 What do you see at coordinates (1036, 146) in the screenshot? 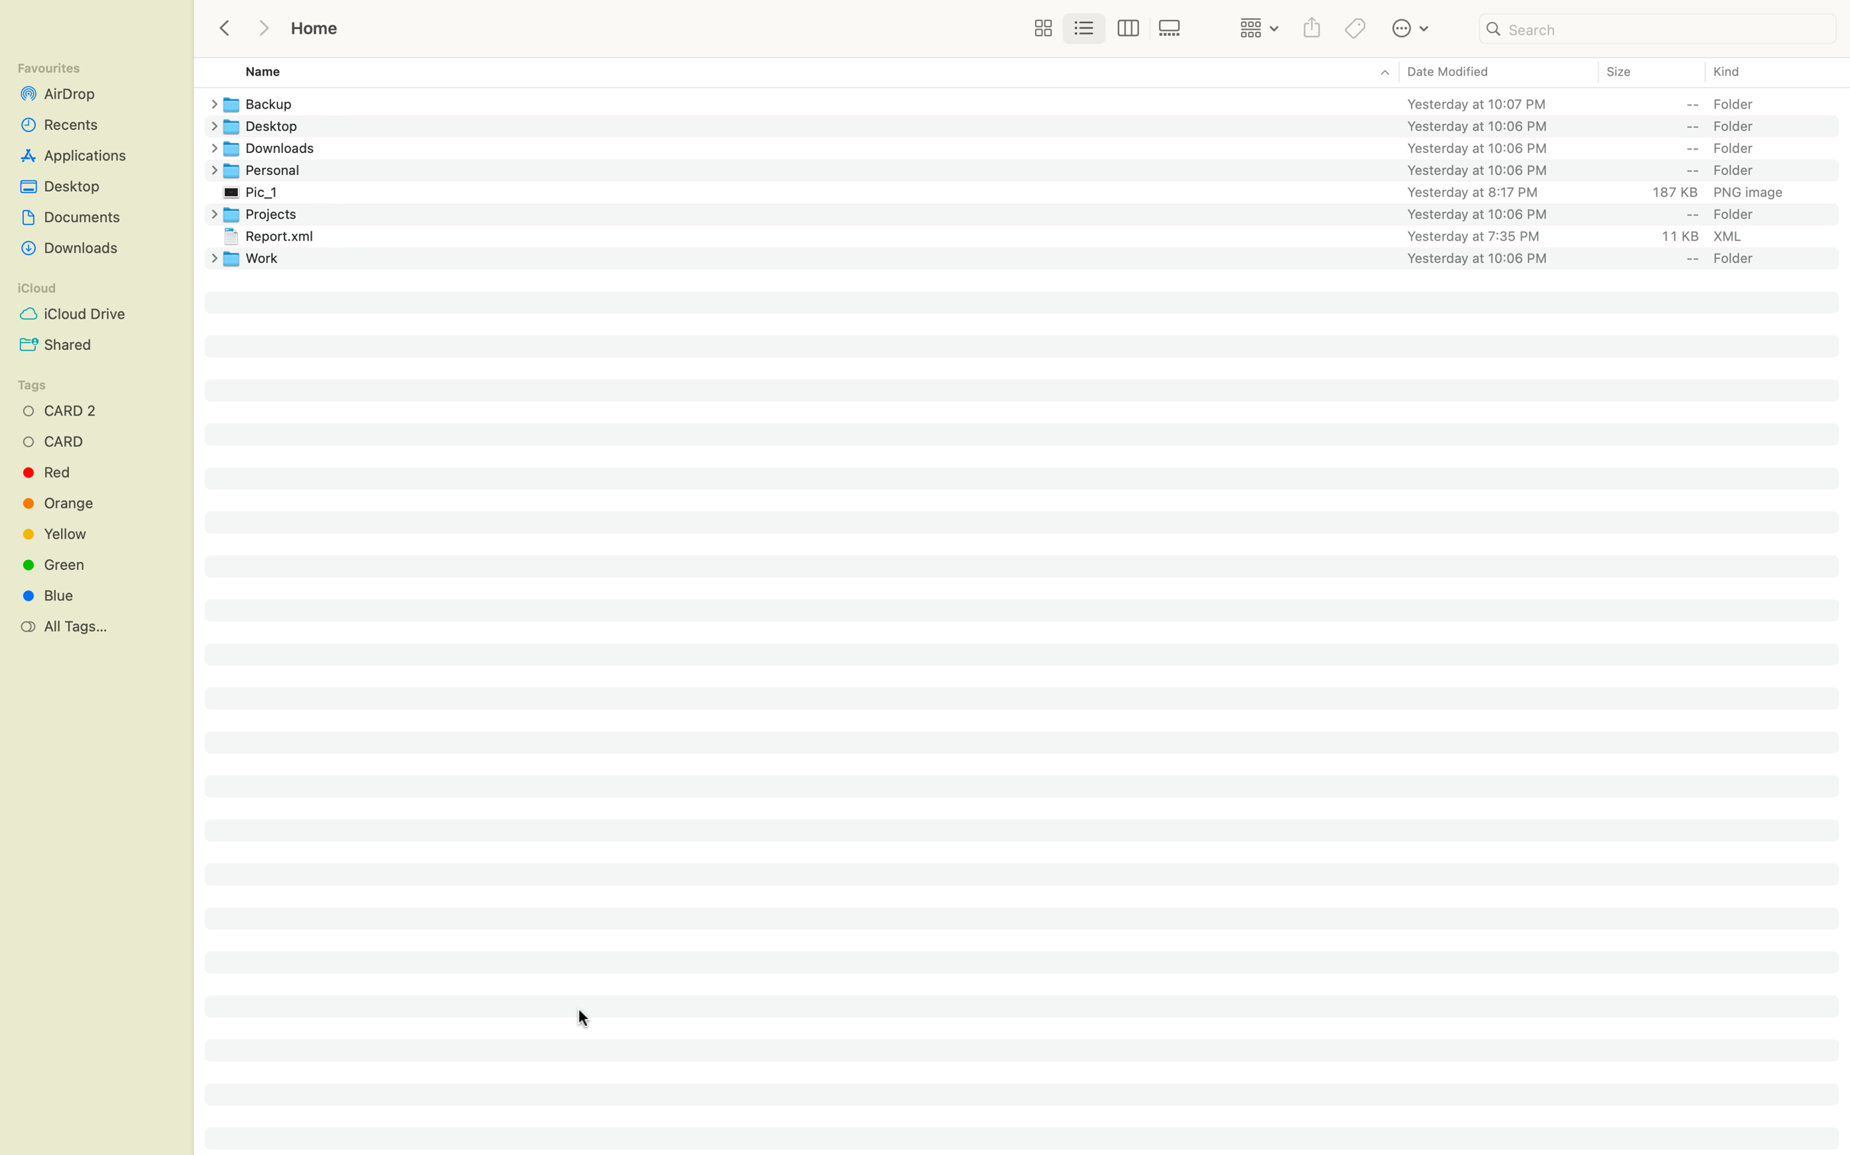
I see `the Downloads directory and return to the previous directory` at bounding box center [1036, 146].